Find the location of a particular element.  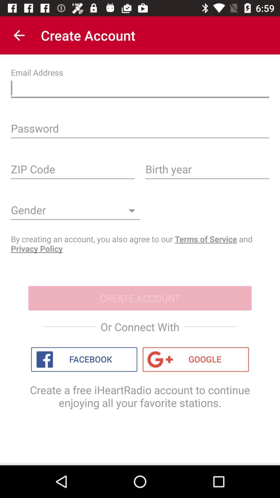

shows google+ option is located at coordinates (196, 359).